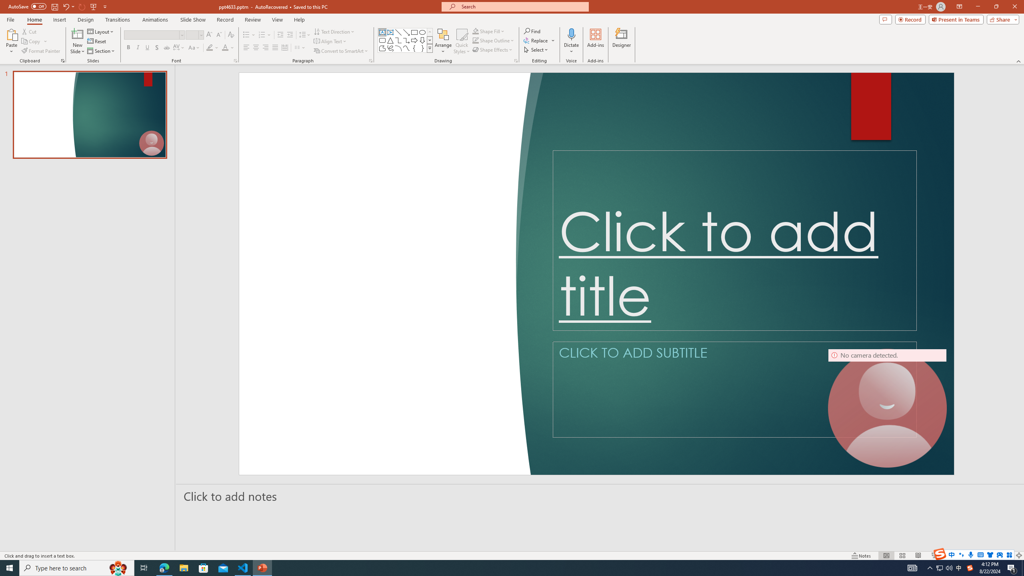  I want to click on 'Shape Effects', so click(492, 49).